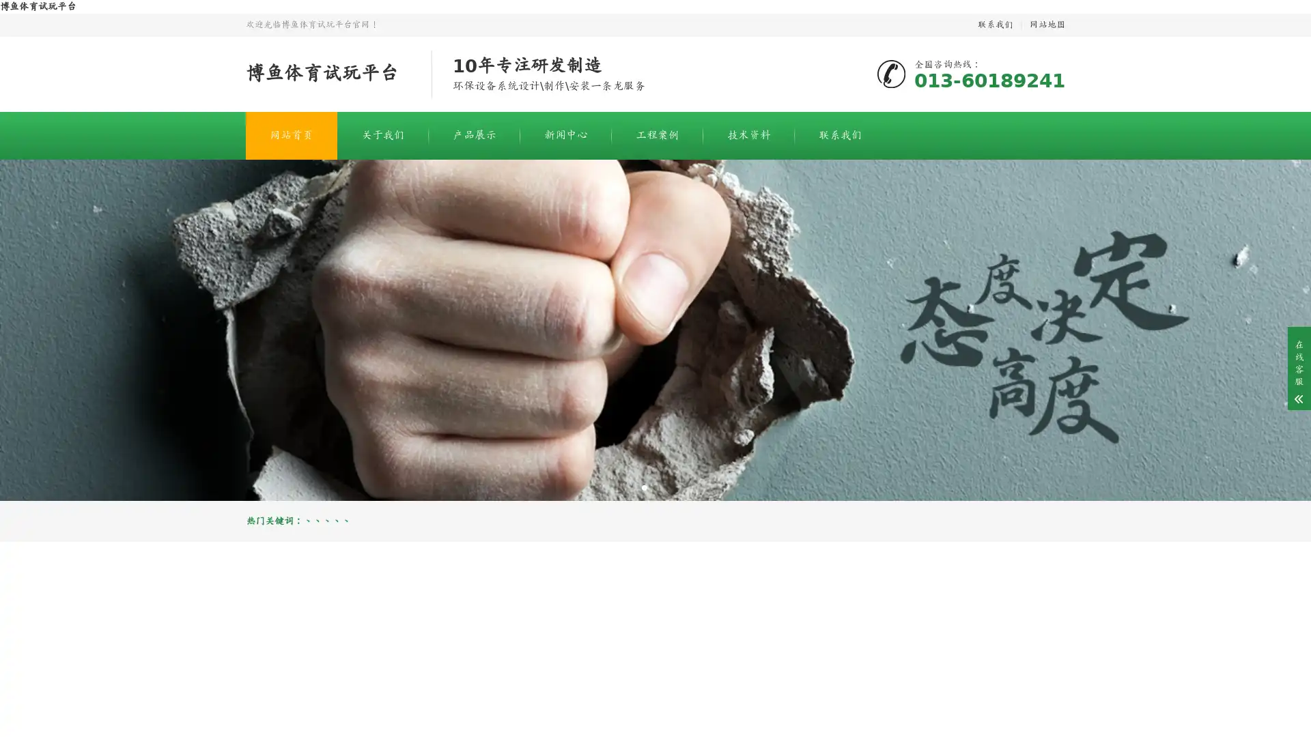 This screenshot has height=737, width=1311. I want to click on Go to slide 1, so click(644, 487).